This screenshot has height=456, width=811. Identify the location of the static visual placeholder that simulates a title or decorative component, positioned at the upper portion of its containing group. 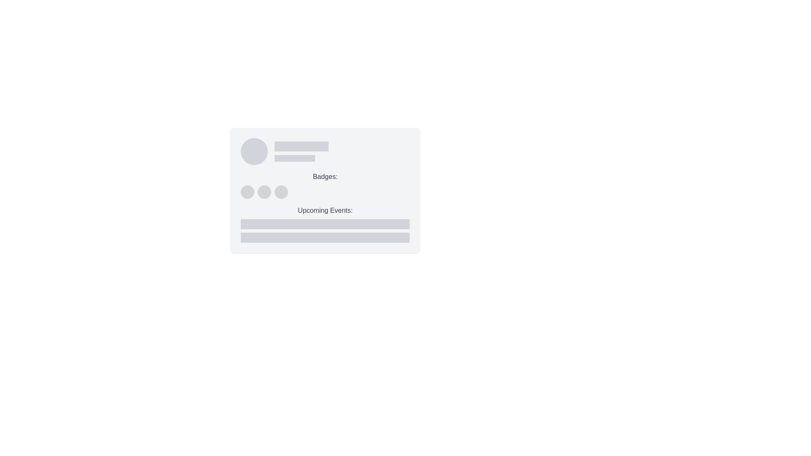
(302, 146).